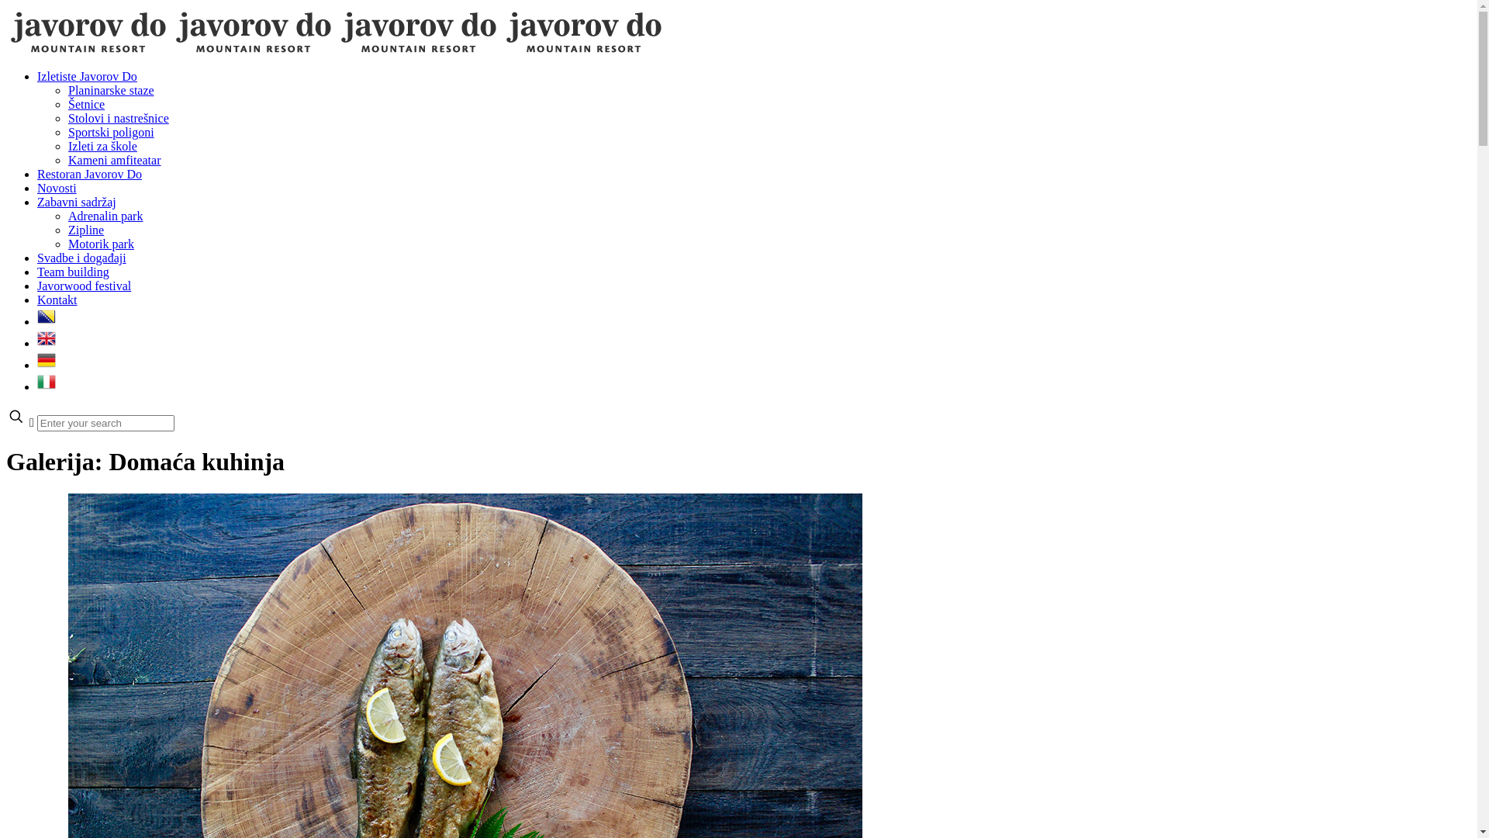 The image size is (1489, 838). What do you see at coordinates (86, 76) in the screenshot?
I see `'Izletiste Javorov Do'` at bounding box center [86, 76].